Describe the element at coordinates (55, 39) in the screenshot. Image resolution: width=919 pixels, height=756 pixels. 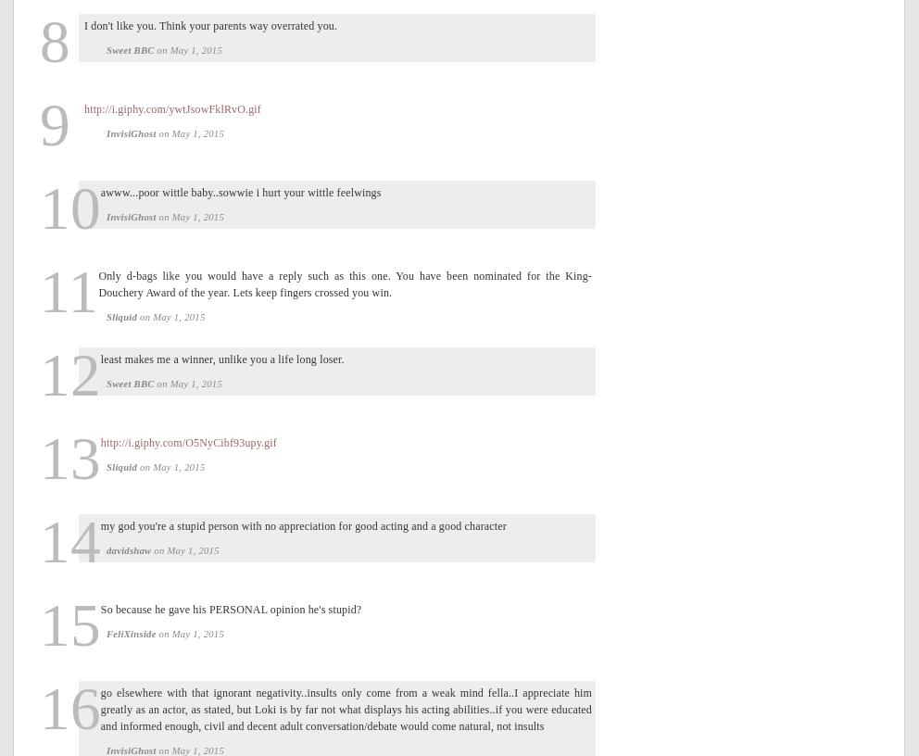
I see `'8'` at that location.